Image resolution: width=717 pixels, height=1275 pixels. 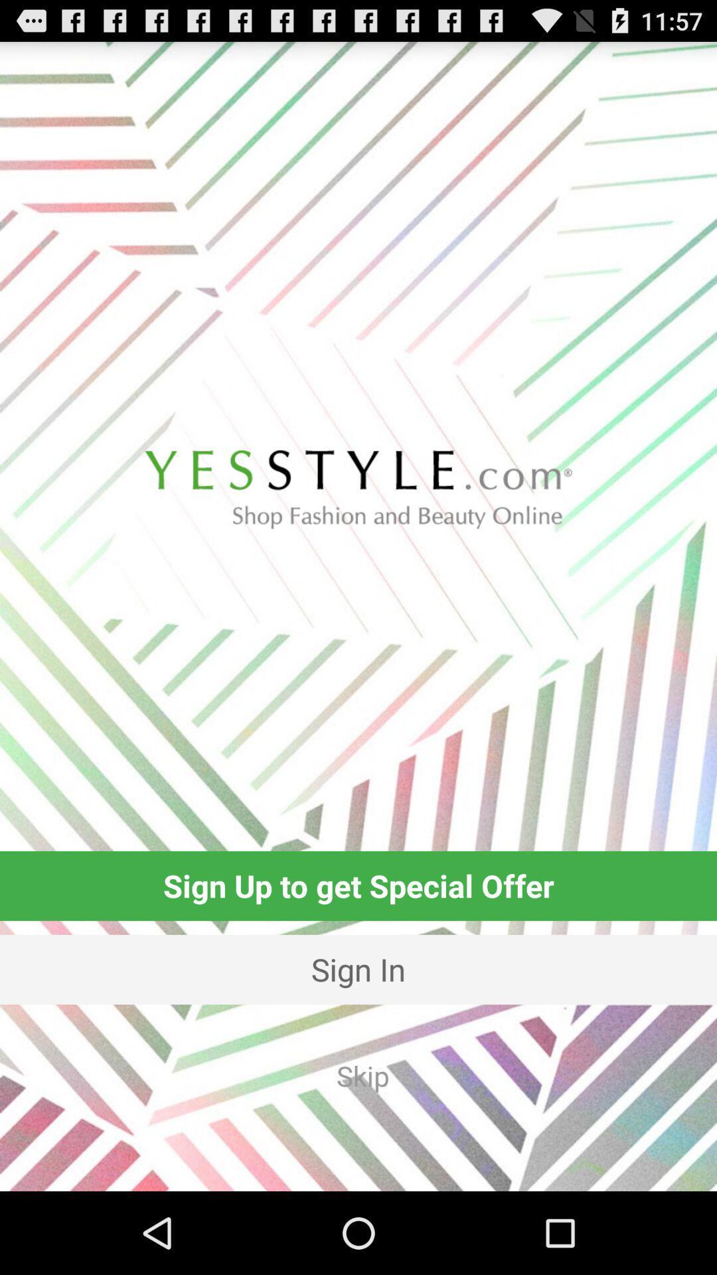 What do you see at coordinates (358, 886) in the screenshot?
I see `the sign up to icon` at bounding box center [358, 886].